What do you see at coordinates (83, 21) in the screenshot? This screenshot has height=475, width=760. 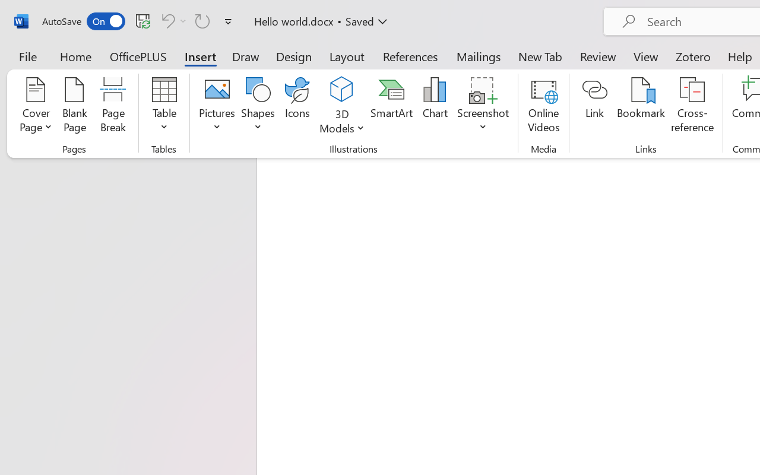 I see `'AutoSave'` at bounding box center [83, 21].